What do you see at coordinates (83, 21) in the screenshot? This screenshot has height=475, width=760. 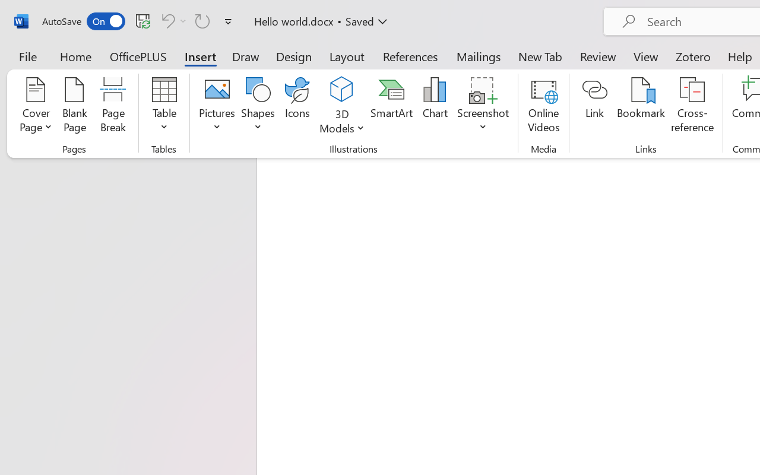 I see `'AutoSave'` at bounding box center [83, 21].